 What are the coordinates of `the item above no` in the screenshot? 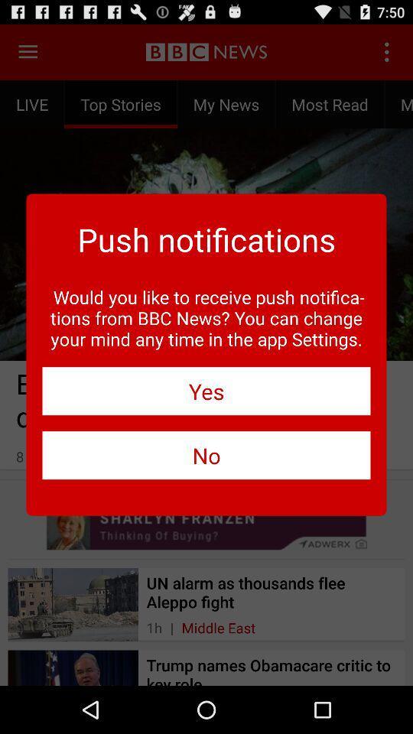 It's located at (206, 390).